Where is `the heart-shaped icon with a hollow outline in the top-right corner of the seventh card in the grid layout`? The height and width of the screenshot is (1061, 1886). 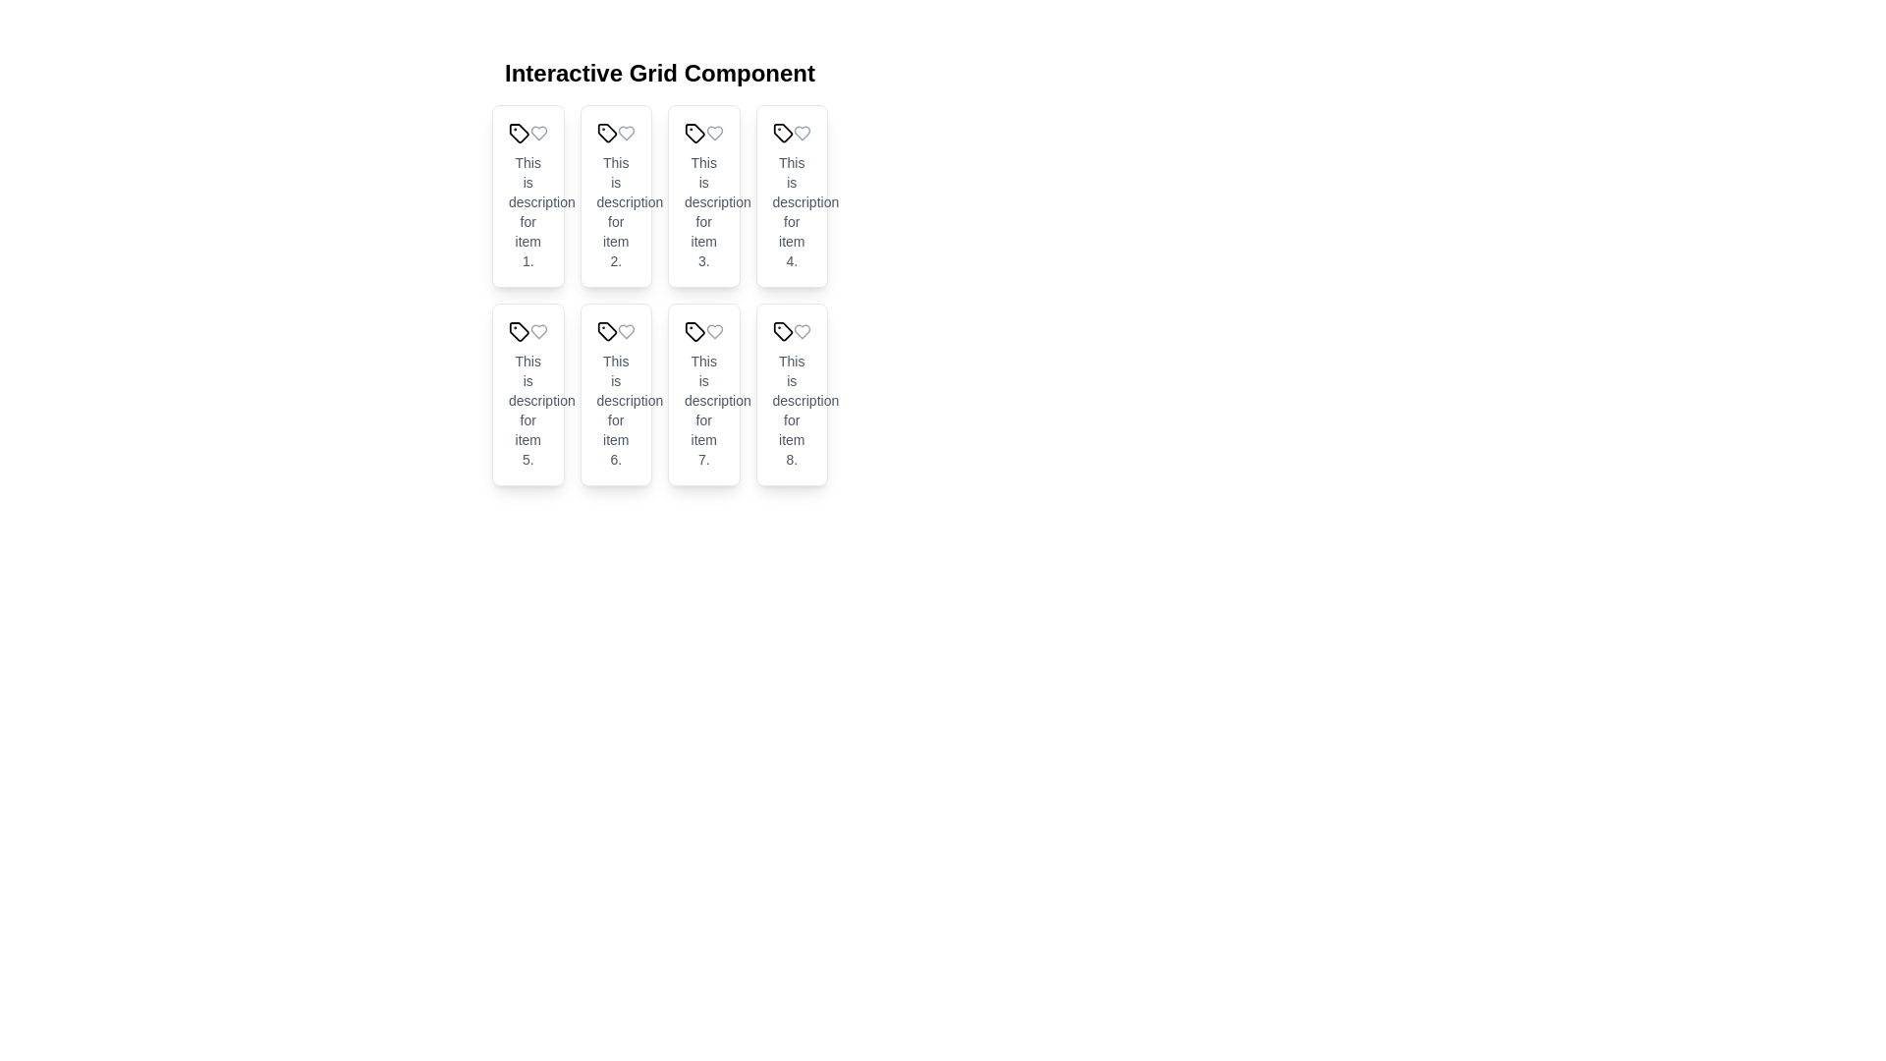 the heart-shaped icon with a hollow outline in the top-right corner of the seventh card in the grid layout is located at coordinates (713, 331).